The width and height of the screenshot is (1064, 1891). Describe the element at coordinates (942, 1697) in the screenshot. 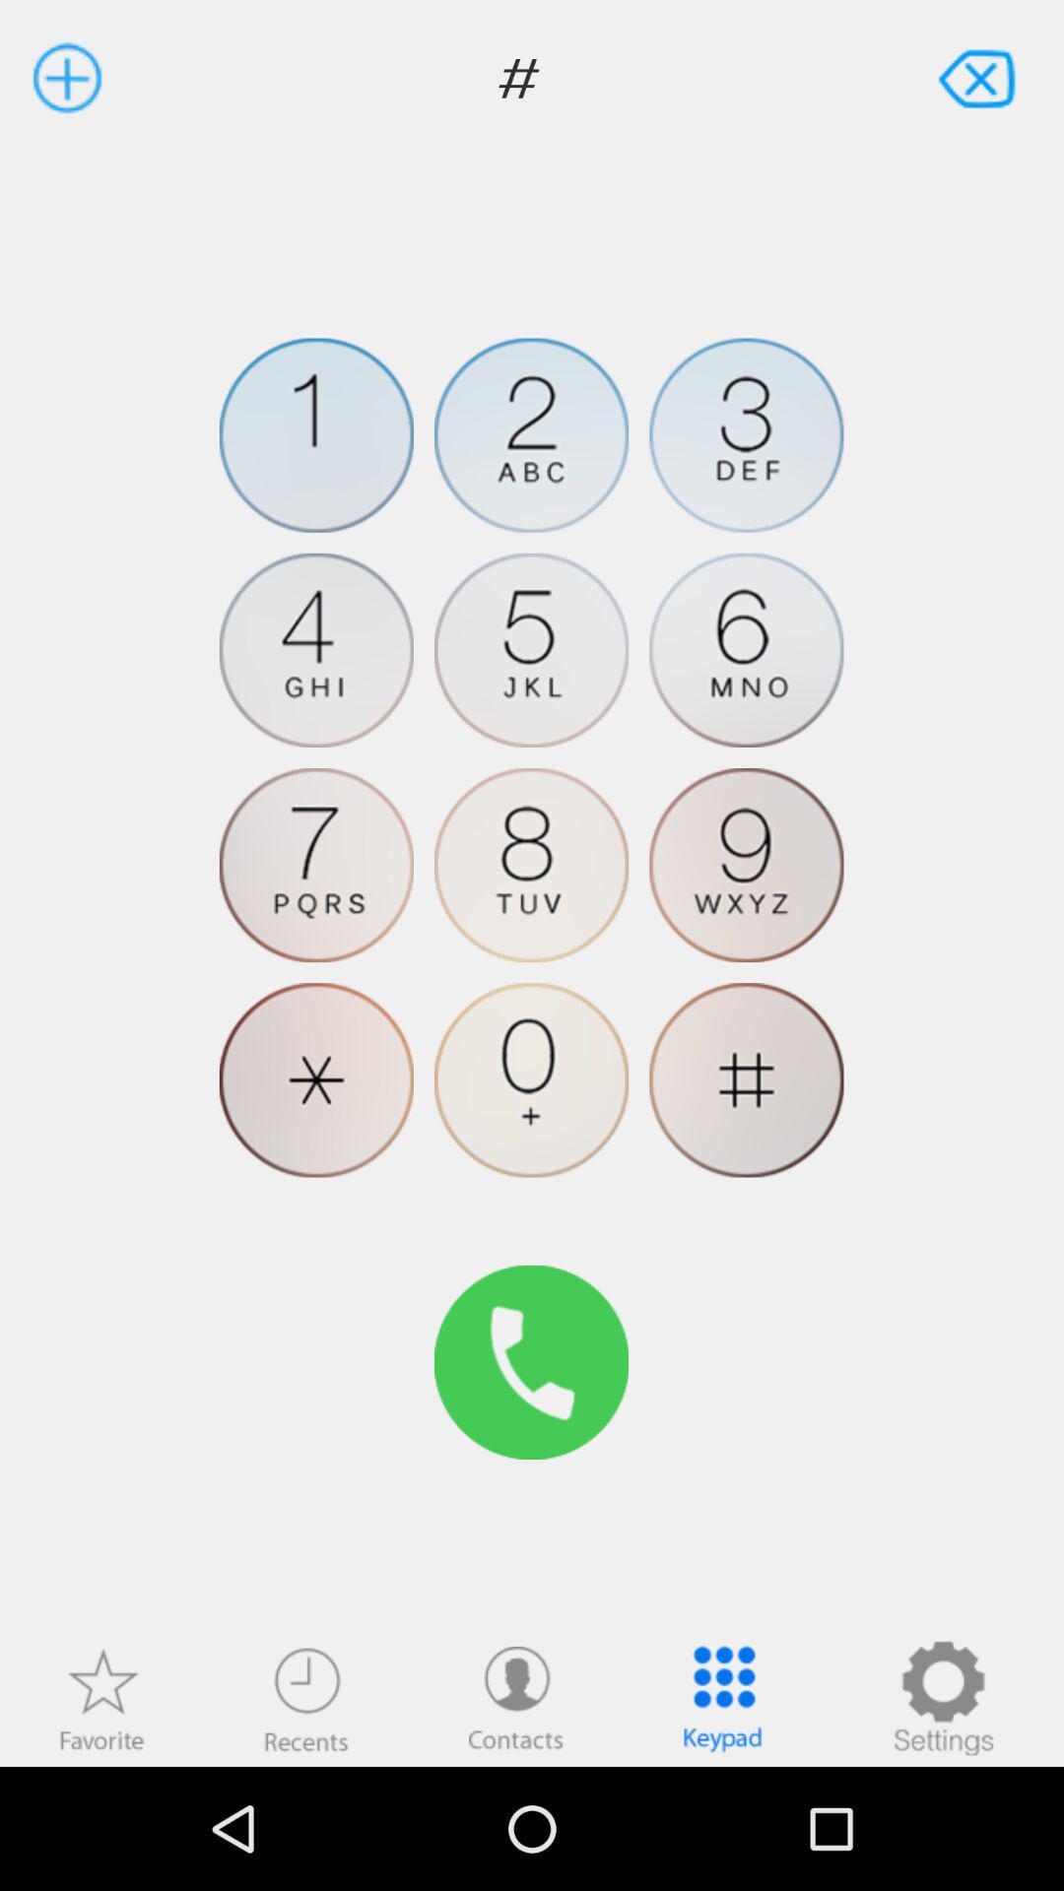

I see `item below #` at that location.